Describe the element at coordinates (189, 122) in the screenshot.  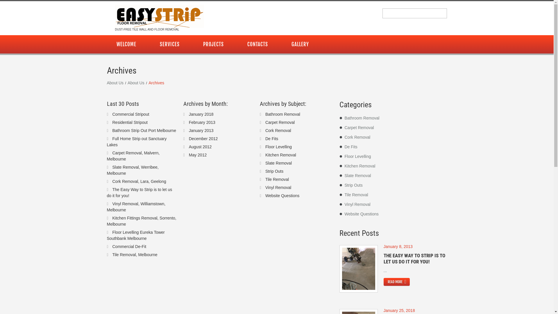
I see `'February 2013'` at that location.